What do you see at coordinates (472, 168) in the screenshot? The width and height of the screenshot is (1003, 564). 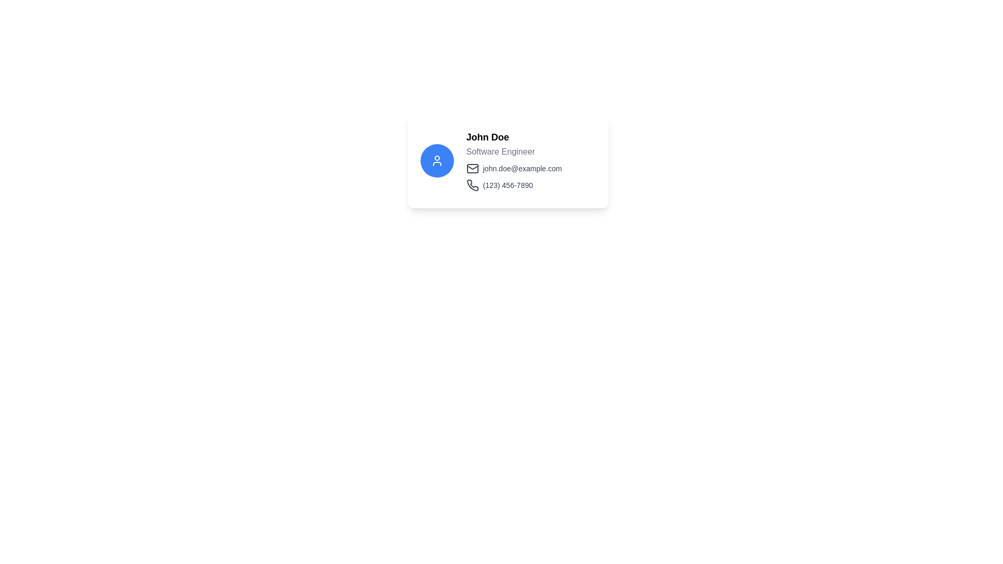 I see `the envelope-shaped icon with a black outline, located to the left of the text 'john.doe@example.com'` at bounding box center [472, 168].